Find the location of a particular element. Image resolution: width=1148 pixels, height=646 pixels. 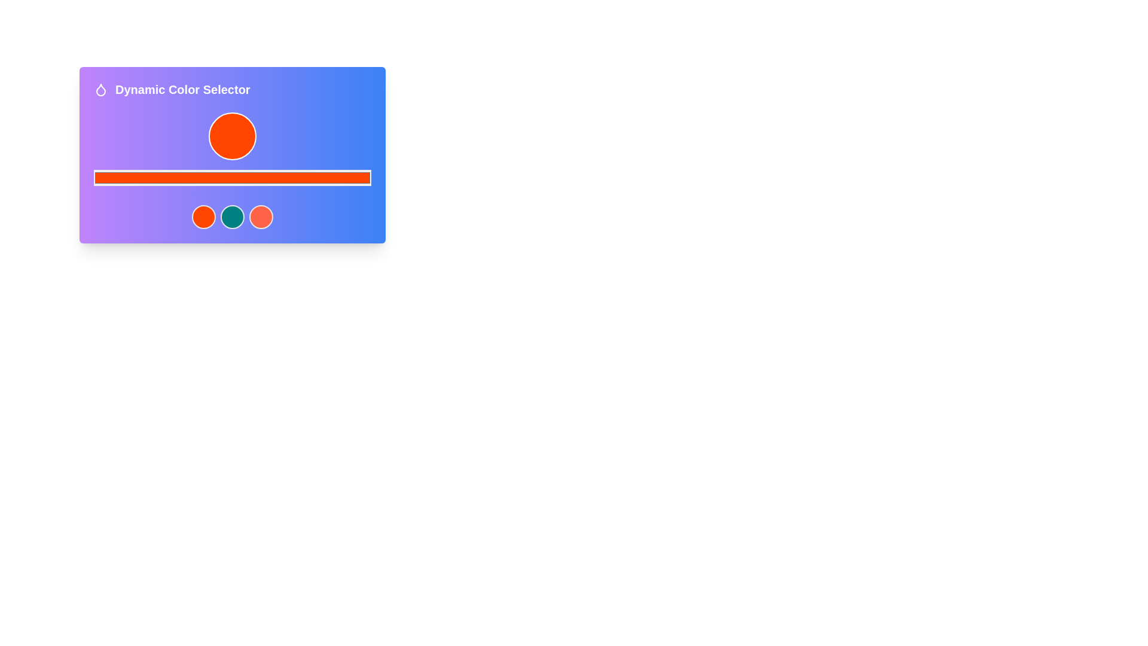

the teal button in the group of interactive color selector buttons located below the color picker bar and a large colored circle is located at coordinates (232, 217).